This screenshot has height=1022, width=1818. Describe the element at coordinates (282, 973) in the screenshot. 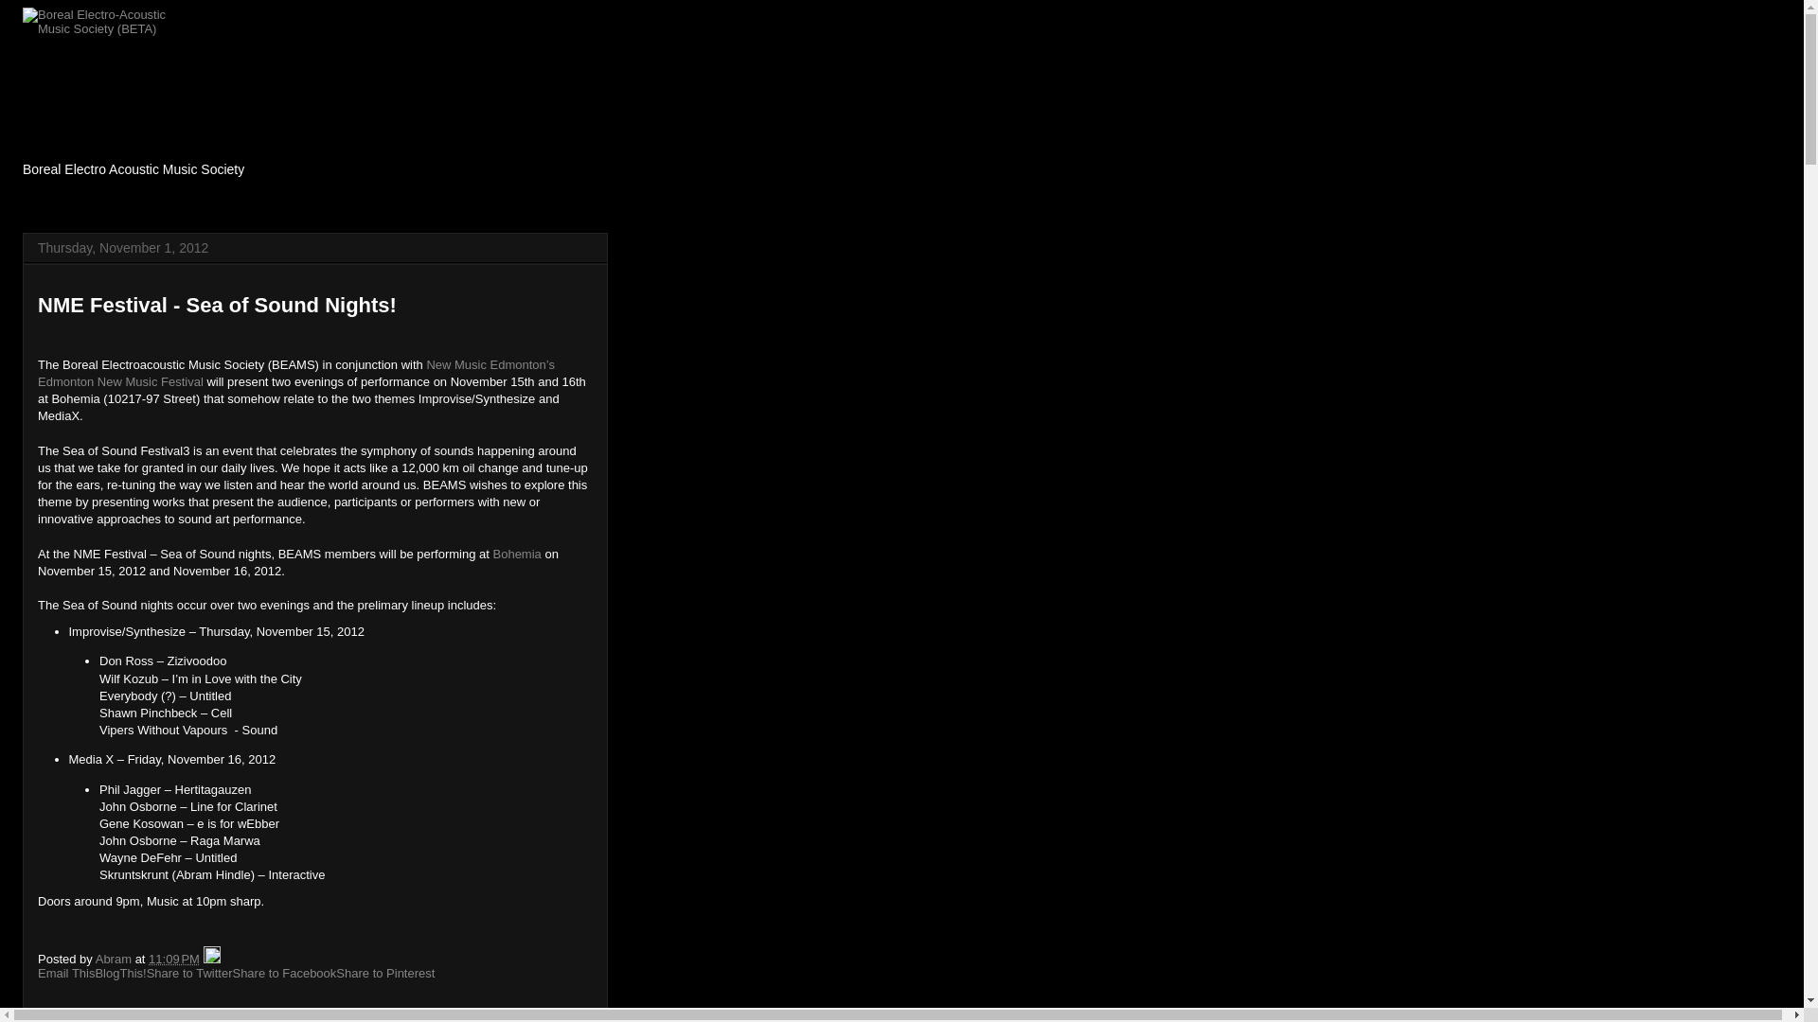

I see `'Share to Facebook'` at that location.